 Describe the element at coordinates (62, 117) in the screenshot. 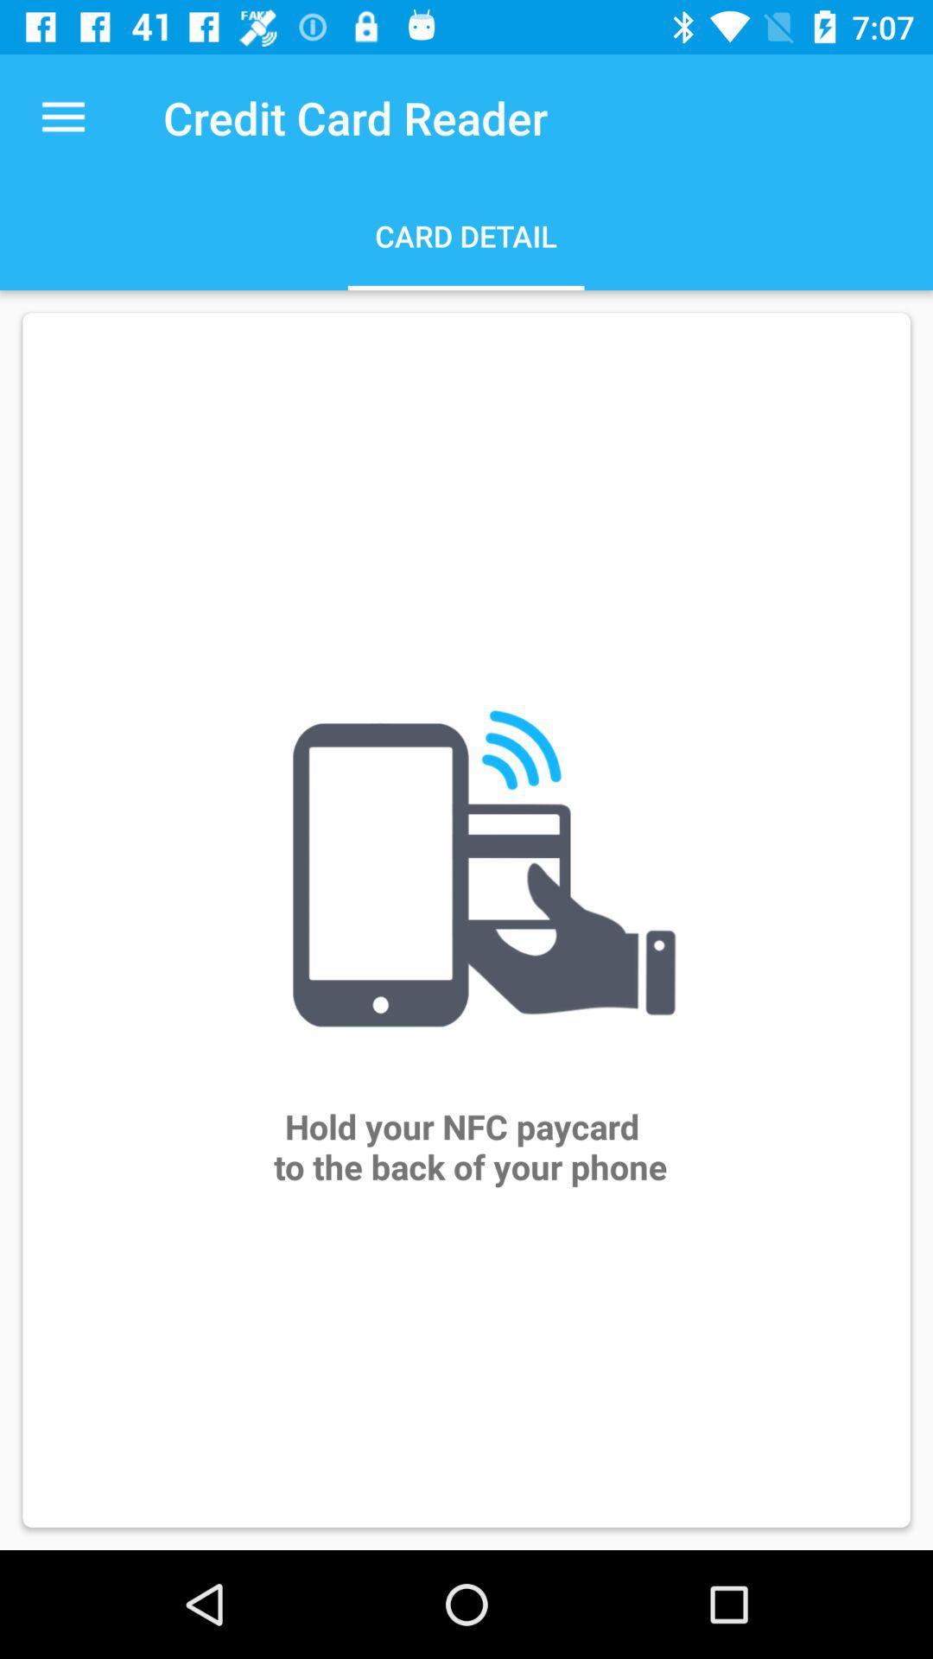

I see `the item next to the credit card reader item` at that location.